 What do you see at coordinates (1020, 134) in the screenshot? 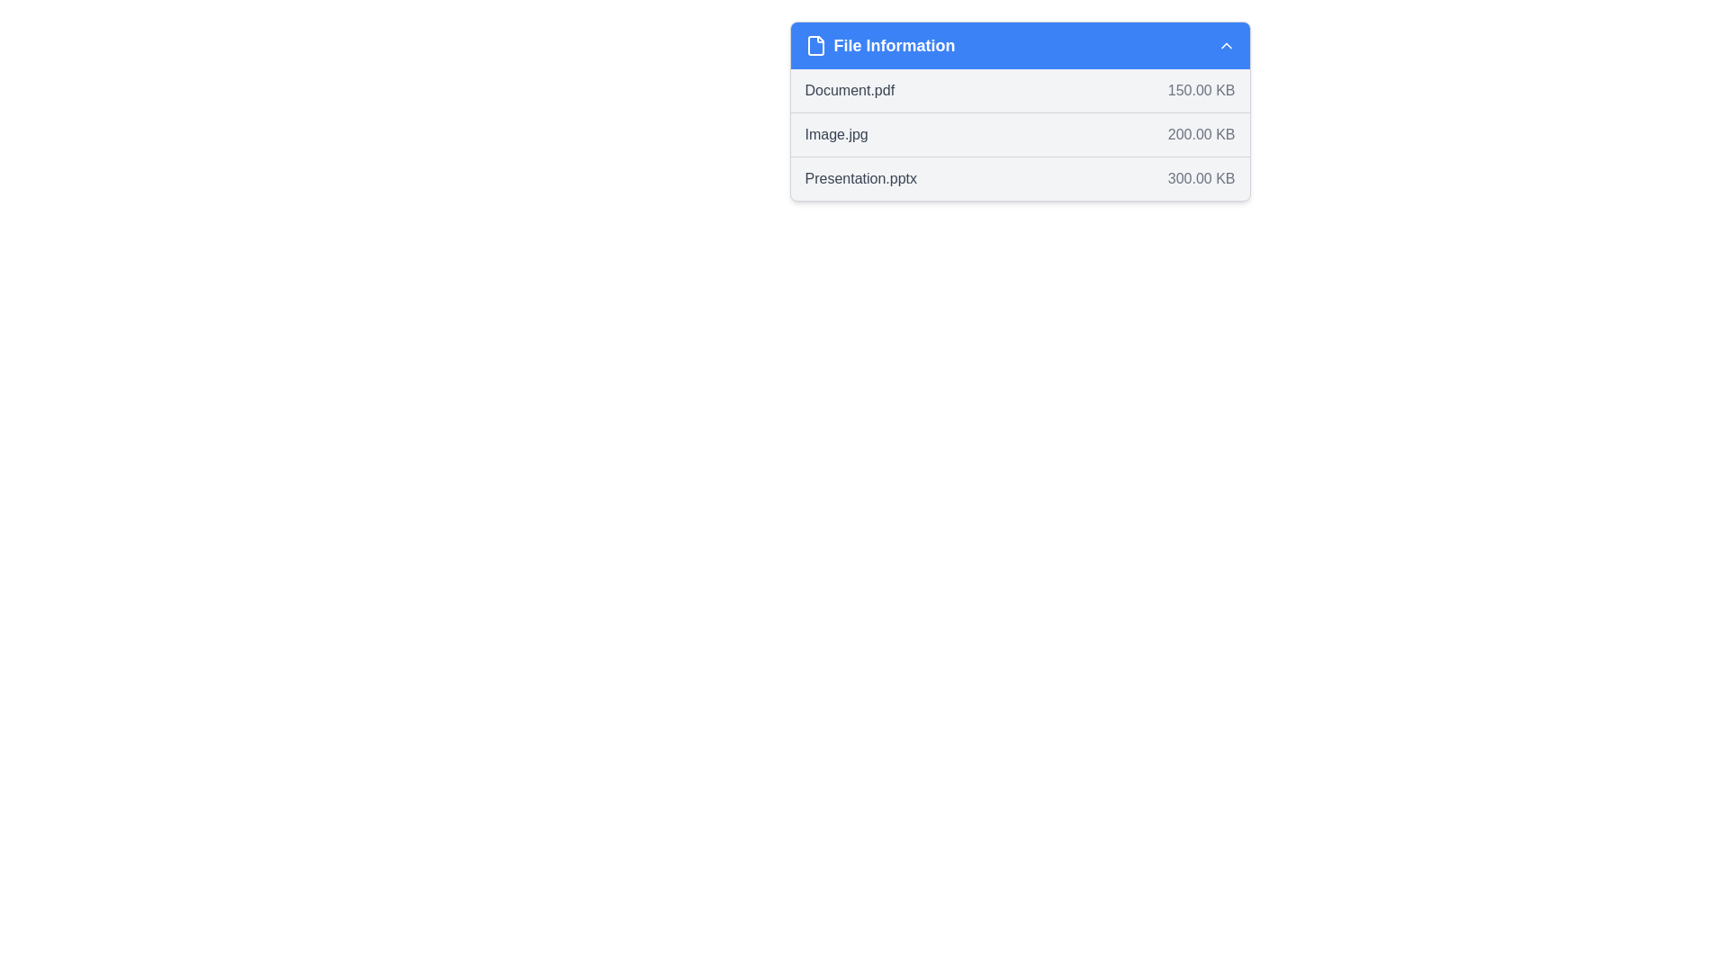
I see `the File information row displaying 'Image.jpg' and '200.00 KB' which is the second item under 'File Information'` at bounding box center [1020, 134].